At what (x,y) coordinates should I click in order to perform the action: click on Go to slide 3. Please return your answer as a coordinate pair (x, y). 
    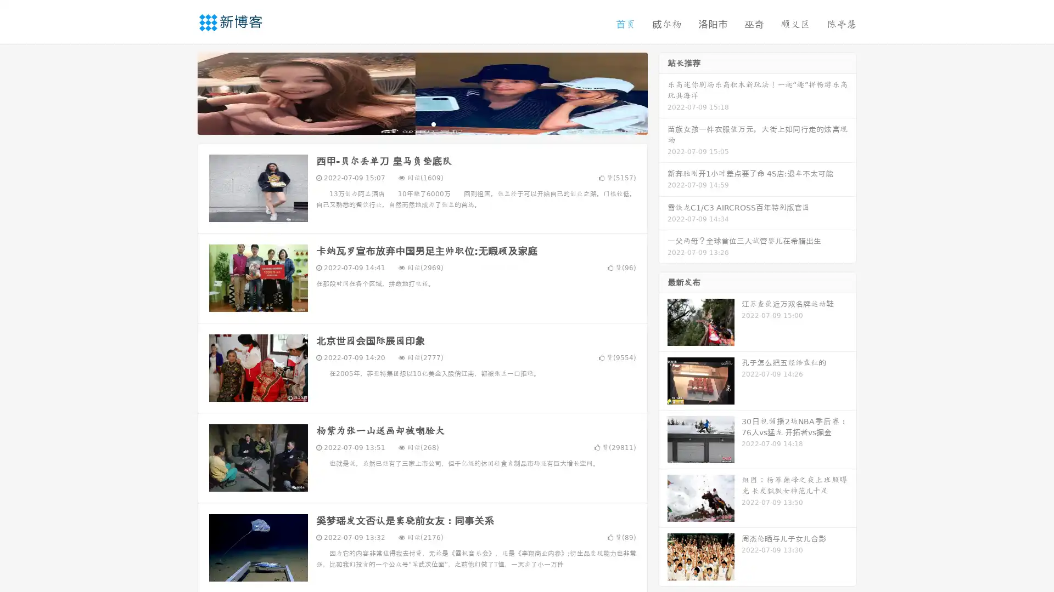
    Looking at the image, I should click on (433, 123).